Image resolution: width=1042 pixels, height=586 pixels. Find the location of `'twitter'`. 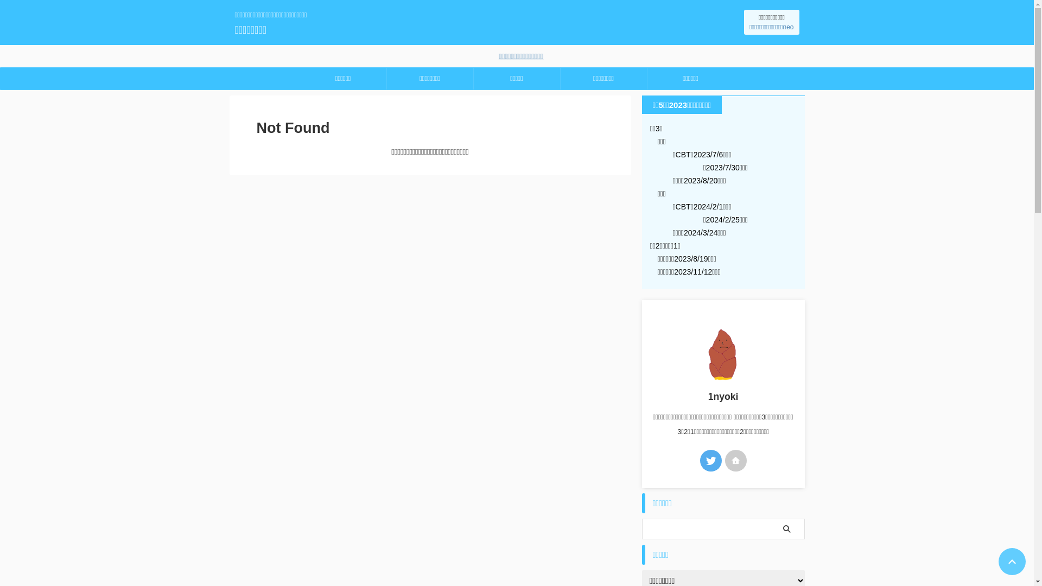

'twitter' is located at coordinates (711, 460).